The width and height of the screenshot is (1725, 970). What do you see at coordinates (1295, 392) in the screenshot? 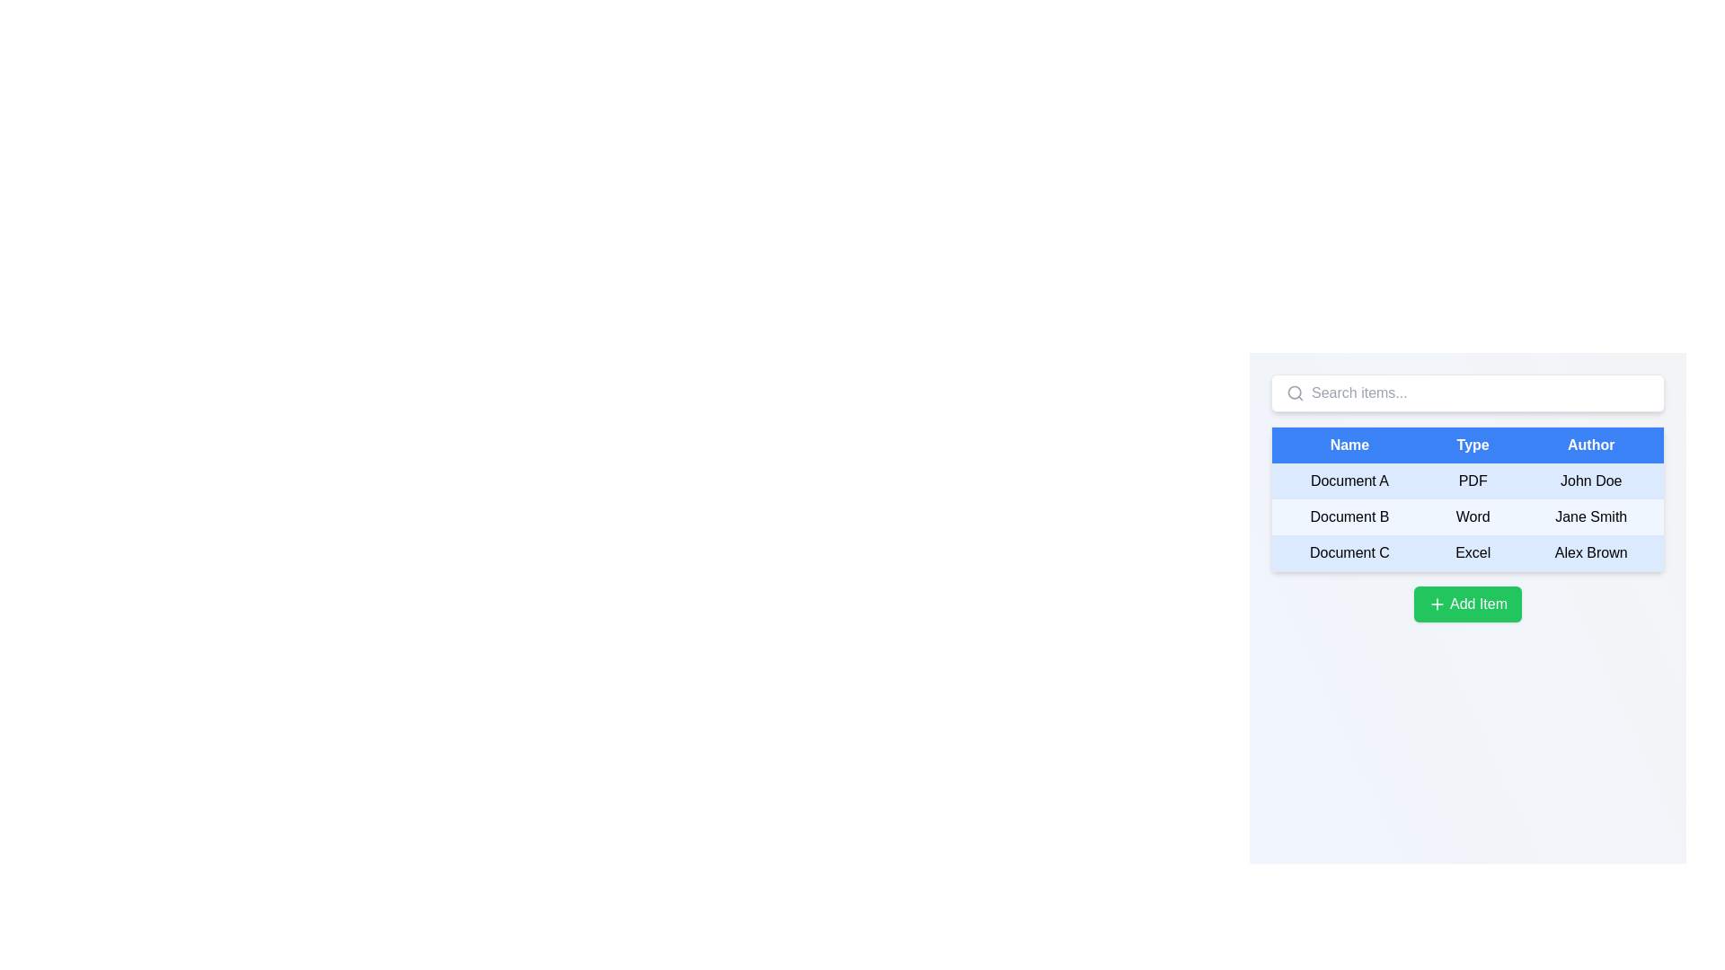
I see `the smaller circle located at the center of the magnifying glass icon in the search bar` at bounding box center [1295, 392].